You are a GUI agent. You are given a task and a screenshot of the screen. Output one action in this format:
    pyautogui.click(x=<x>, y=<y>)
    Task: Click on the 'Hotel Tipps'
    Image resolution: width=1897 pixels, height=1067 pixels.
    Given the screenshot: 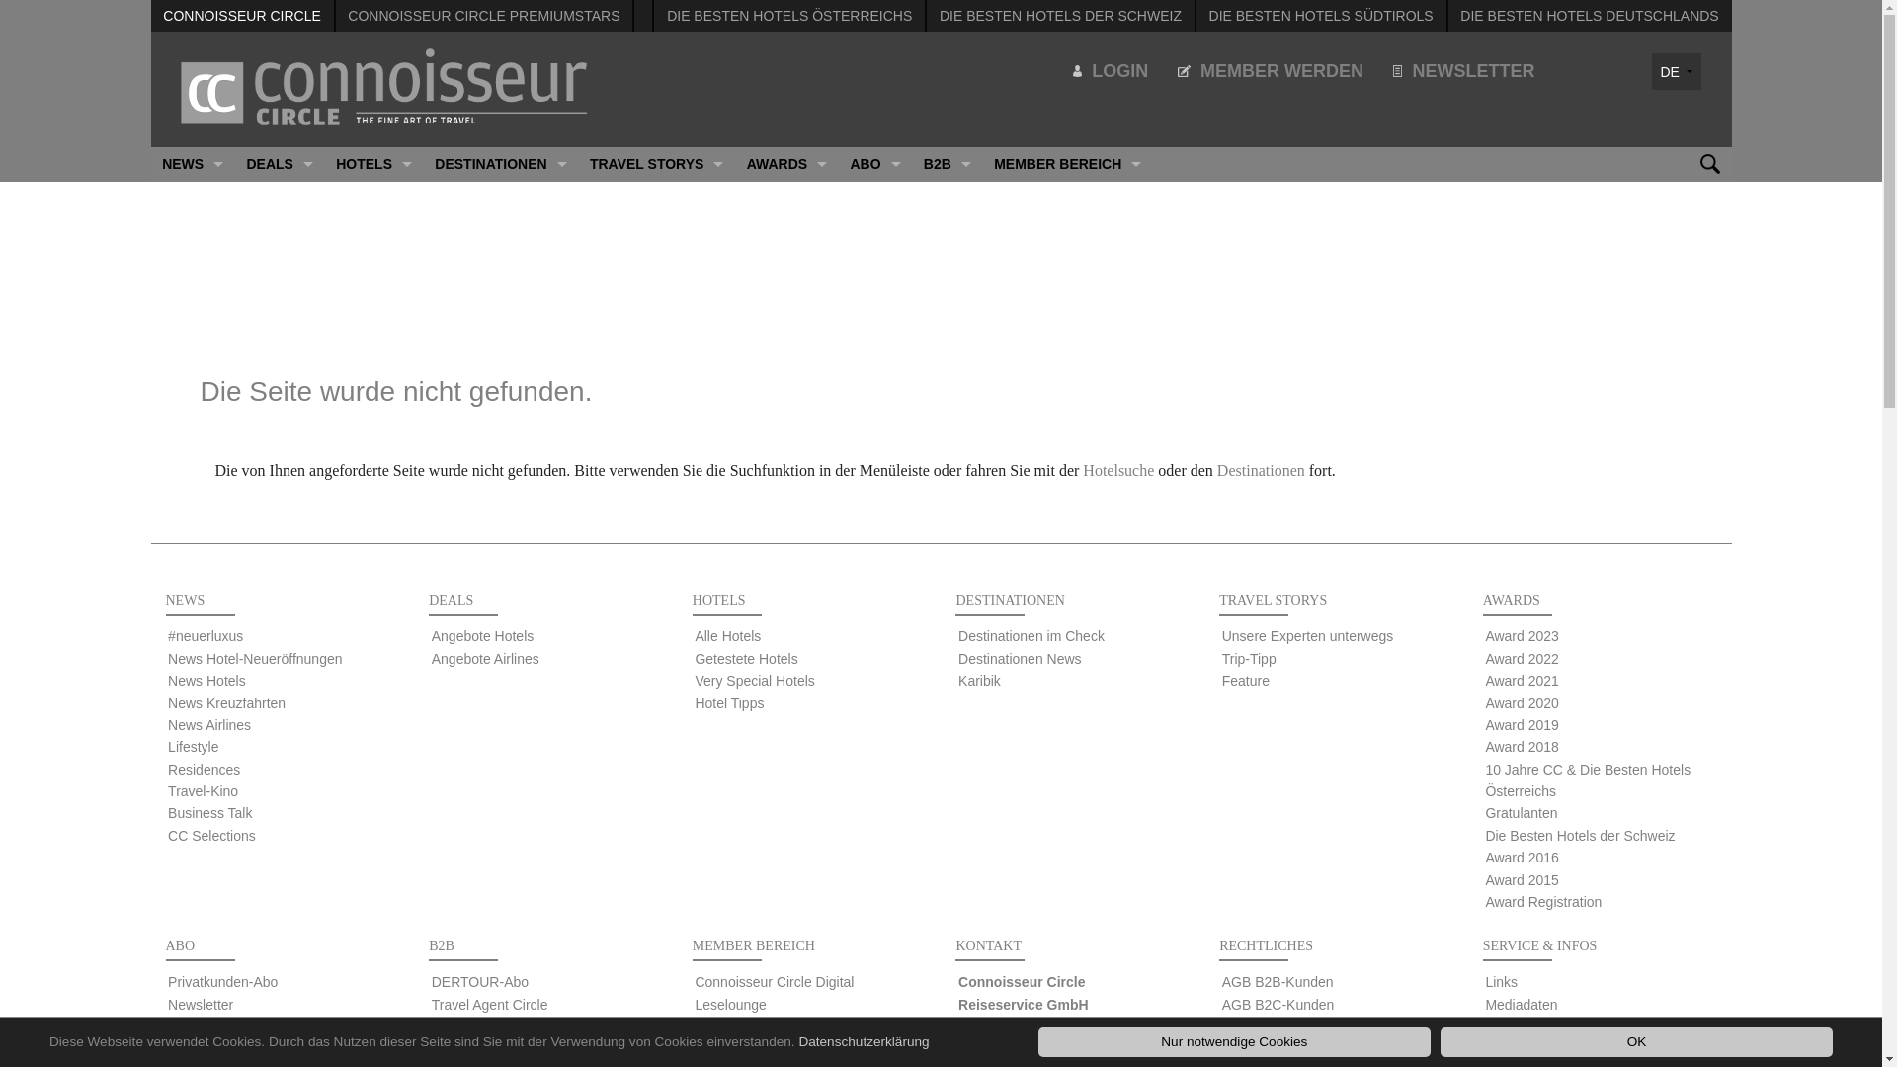 What is the action you would take?
    pyautogui.click(x=728, y=702)
    